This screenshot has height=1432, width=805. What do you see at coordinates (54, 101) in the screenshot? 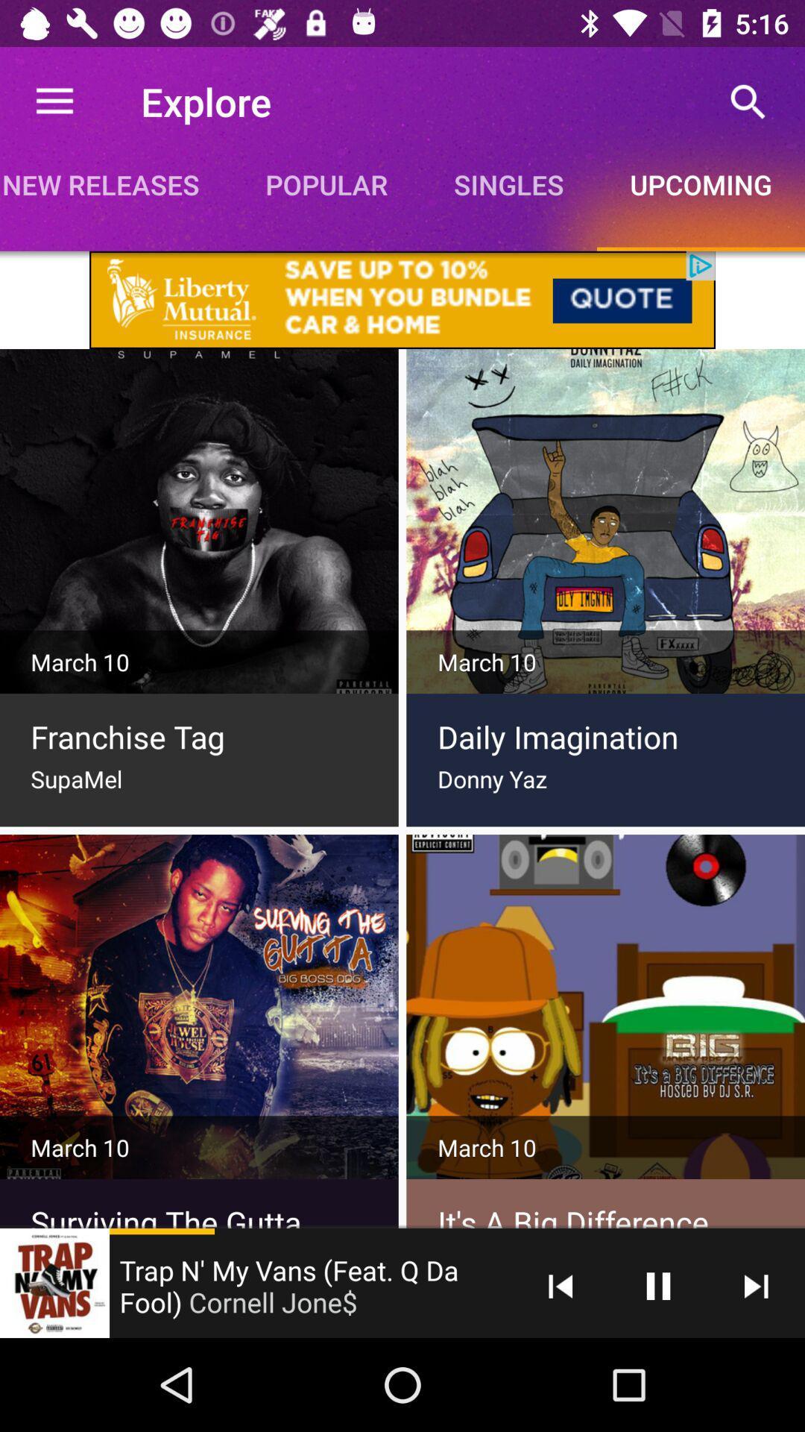
I see `icon next to the explore item` at bounding box center [54, 101].